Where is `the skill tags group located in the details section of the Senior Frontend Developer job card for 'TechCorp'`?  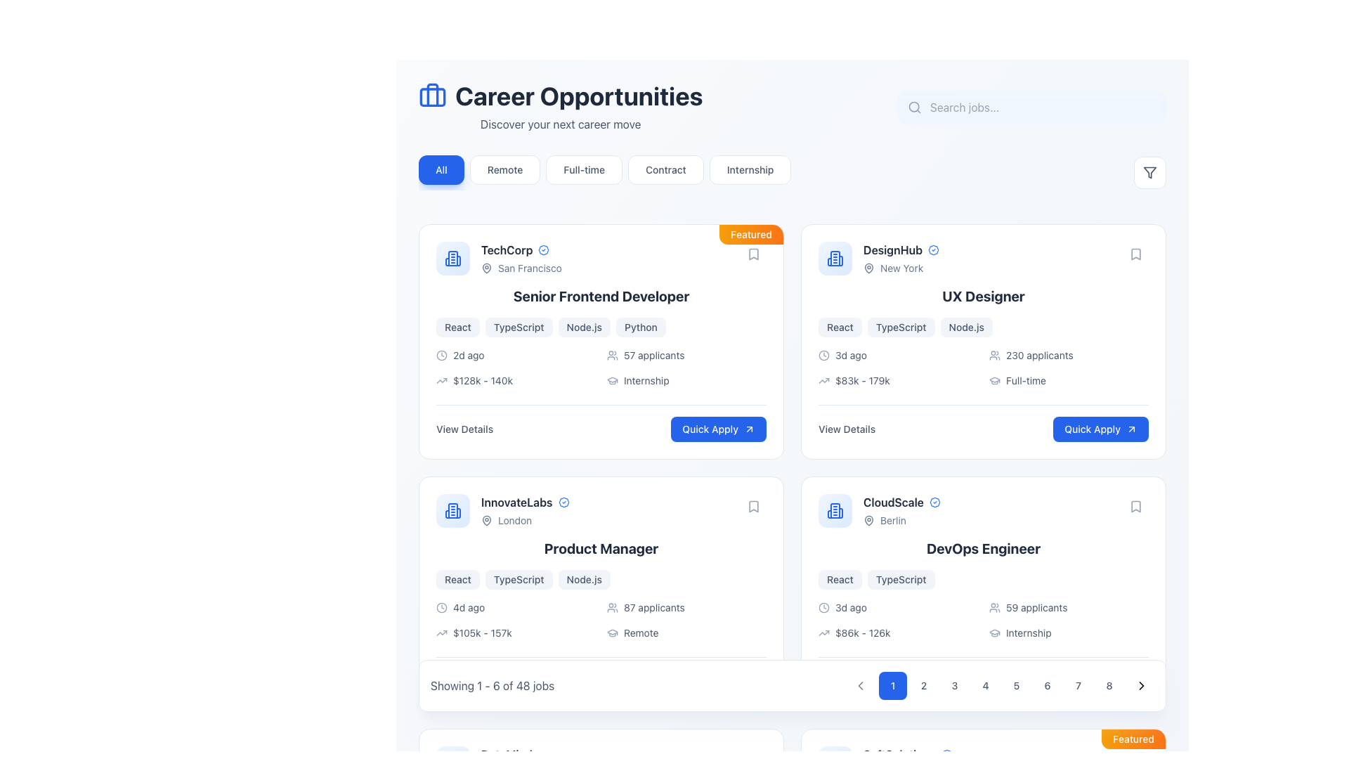
the skill tags group located in the details section of the Senior Frontend Developer job card for 'TechCorp' is located at coordinates (601, 327).